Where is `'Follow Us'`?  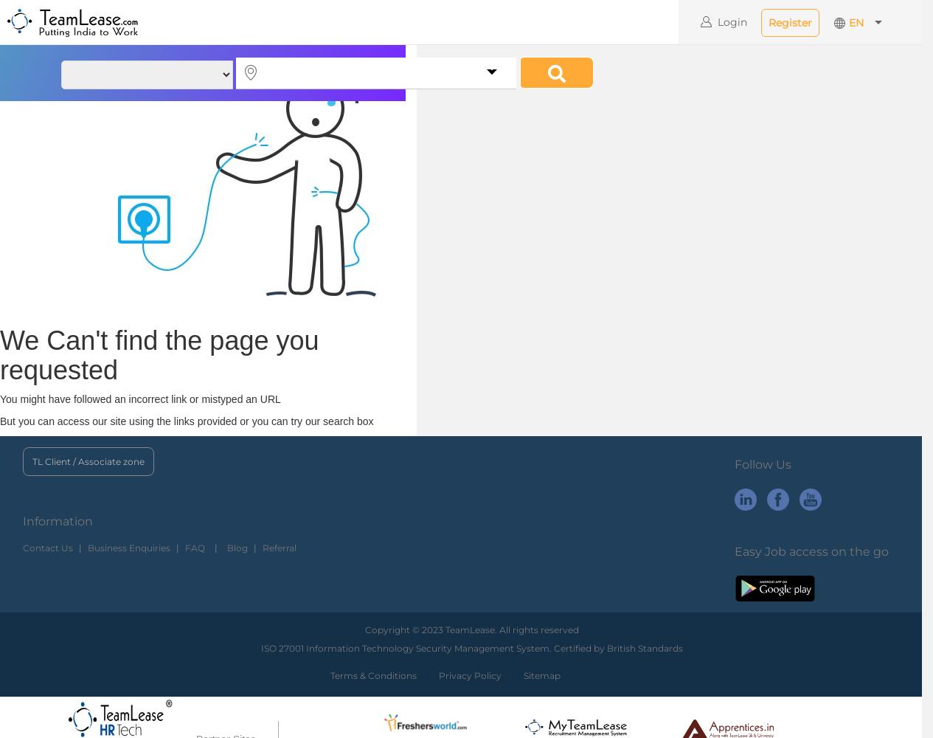
'Follow Us' is located at coordinates (762, 464).